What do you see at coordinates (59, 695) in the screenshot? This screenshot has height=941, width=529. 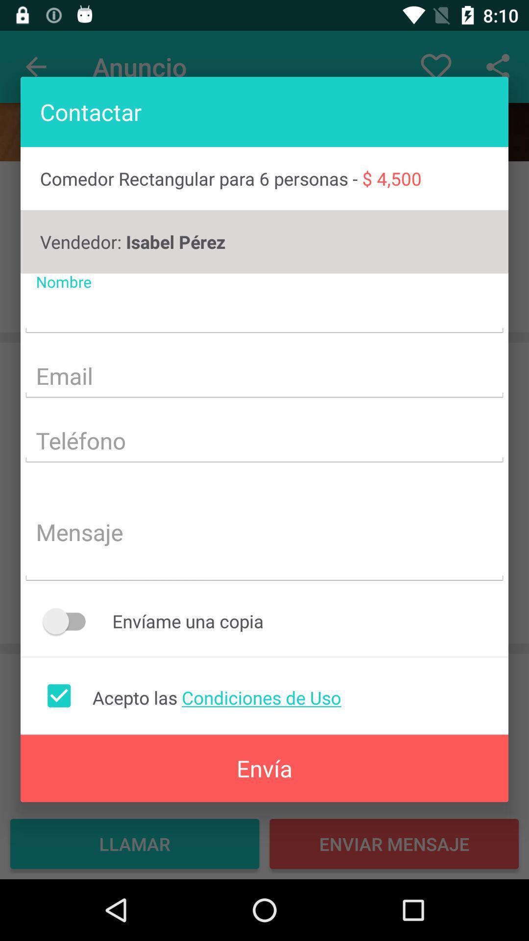 I see `unaccept the policy` at bounding box center [59, 695].